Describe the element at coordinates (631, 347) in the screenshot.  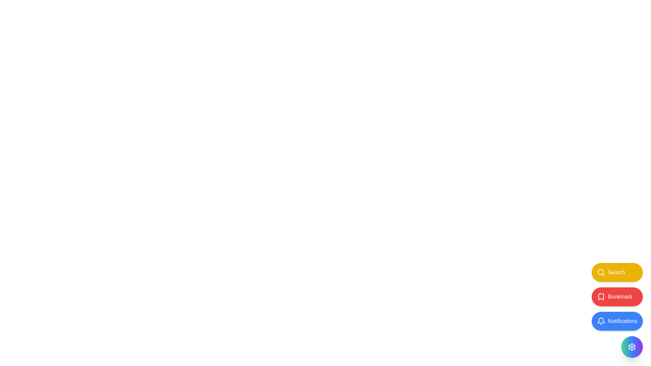
I see `the settings icon located within the round button at the bottom-right corner of the interface` at that location.